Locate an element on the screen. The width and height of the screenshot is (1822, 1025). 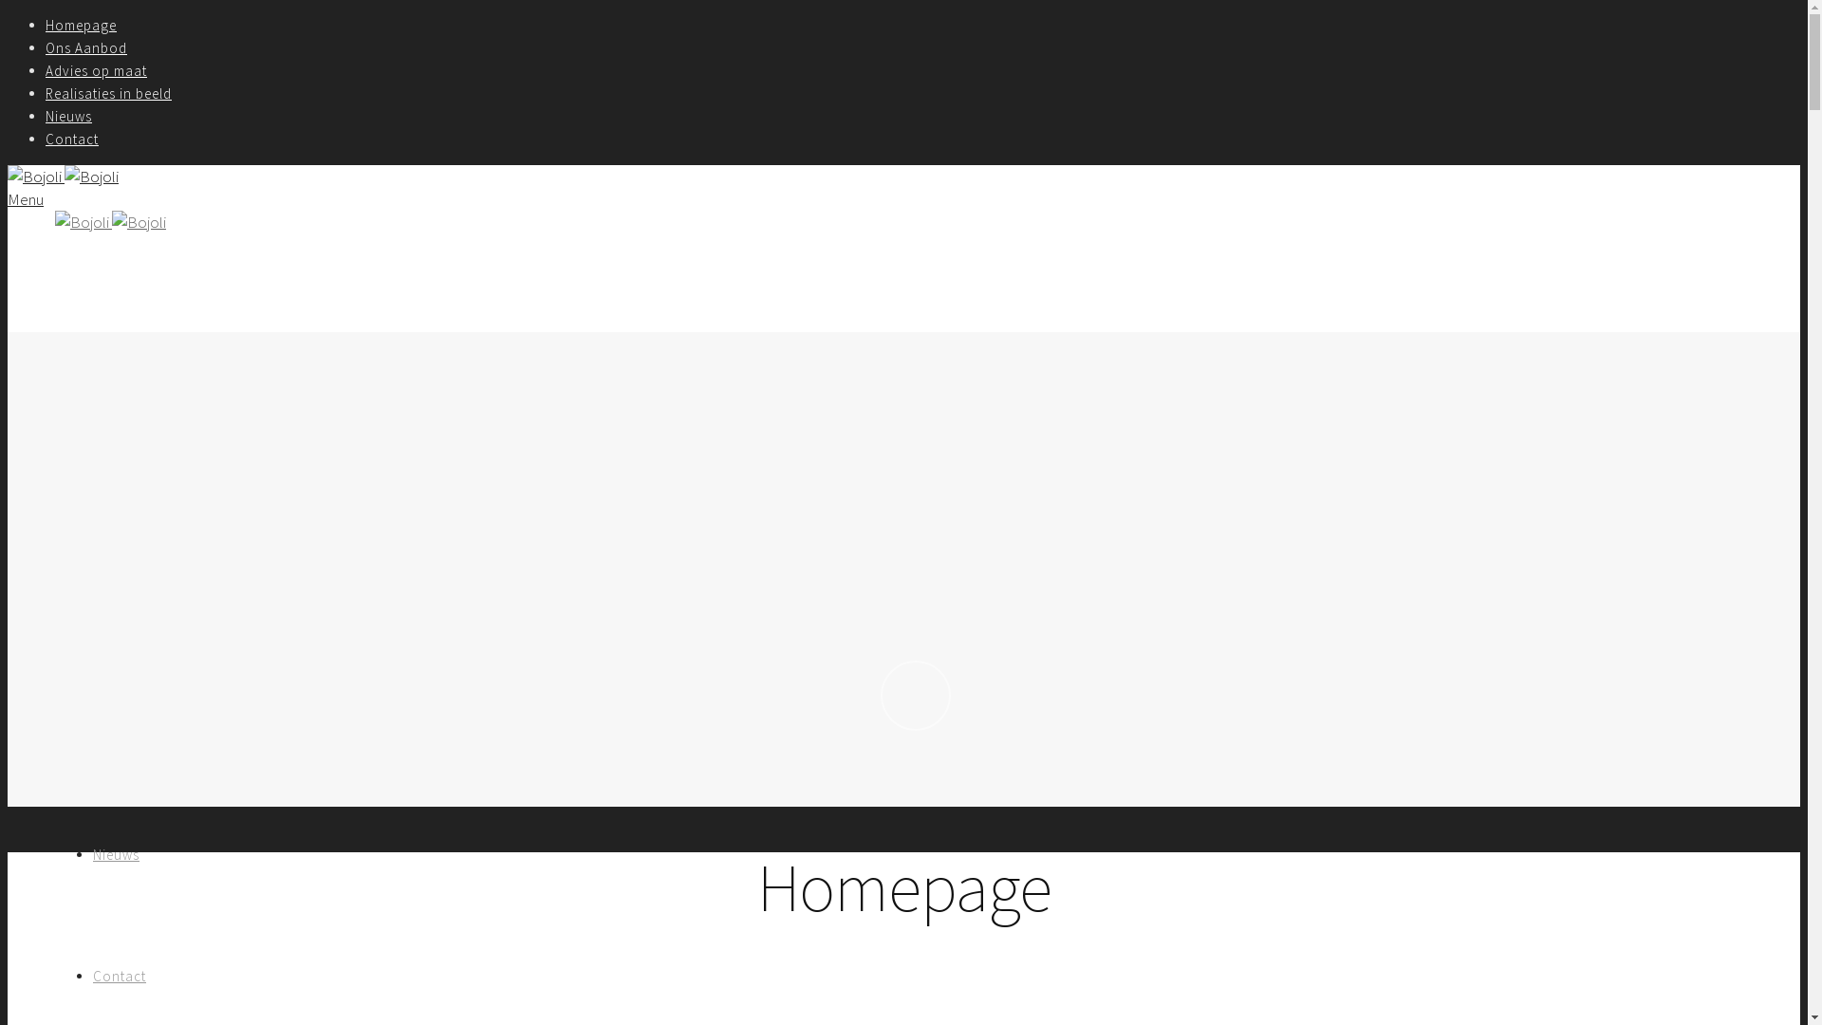
'Realisaties in beeld' is located at coordinates (107, 93).